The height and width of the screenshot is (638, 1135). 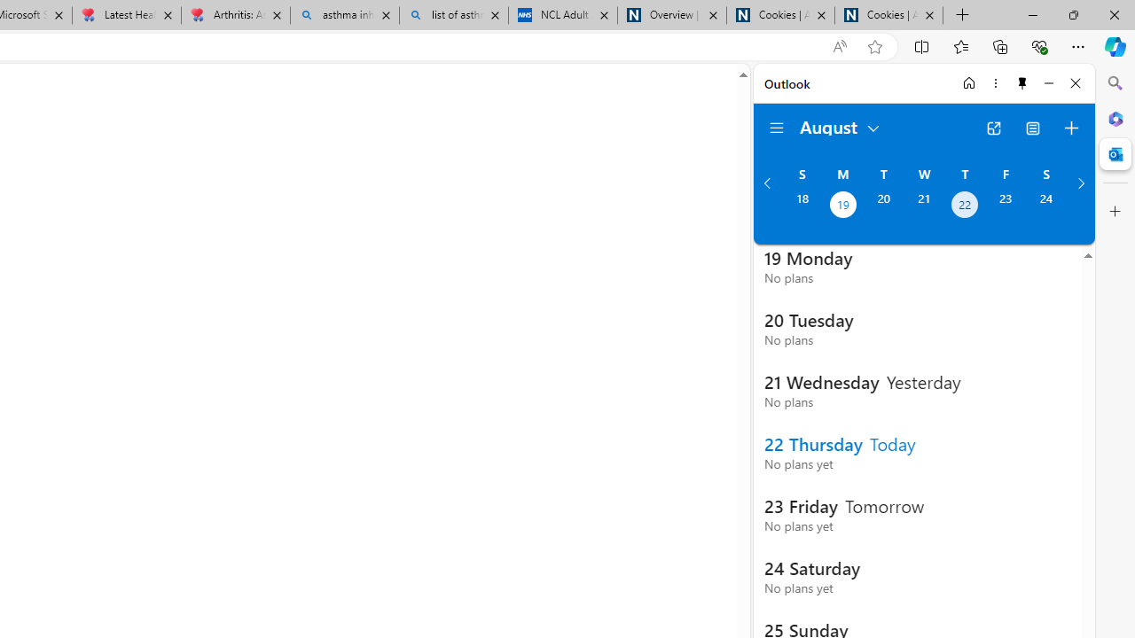 What do you see at coordinates (964, 206) in the screenshot?
I see `'Thursday, August 22, 2024. Today. '` at bounding box center [964, 206].